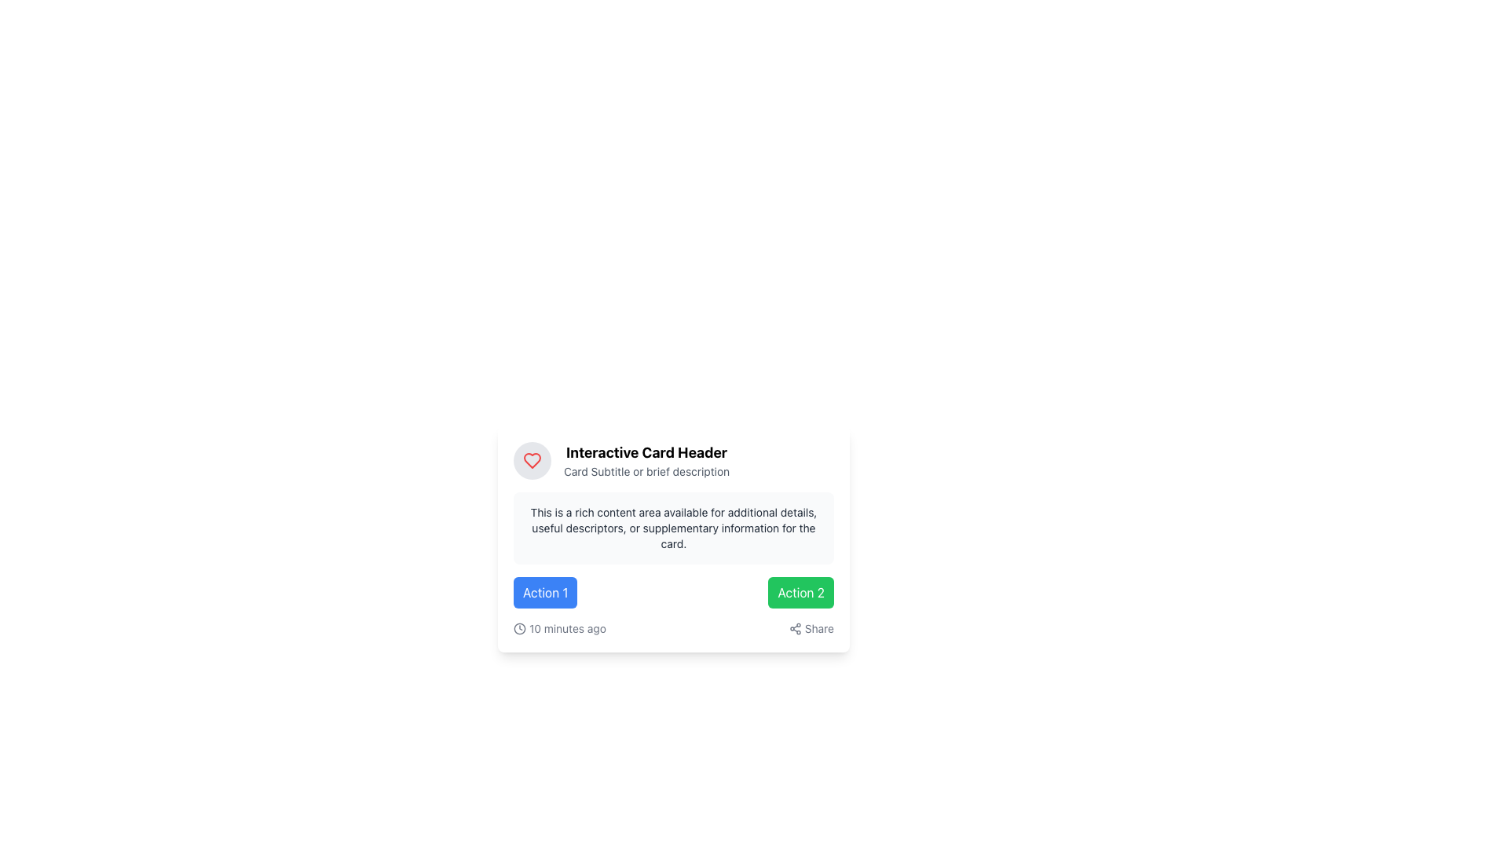 The image size is (1508, 848). What do you see at coordinates (674, 528) in the screenshot?
I see `supplementary information provided in the static text block located in the central portion of the card beneath the subtitle text` at bounding box center [674, 528].